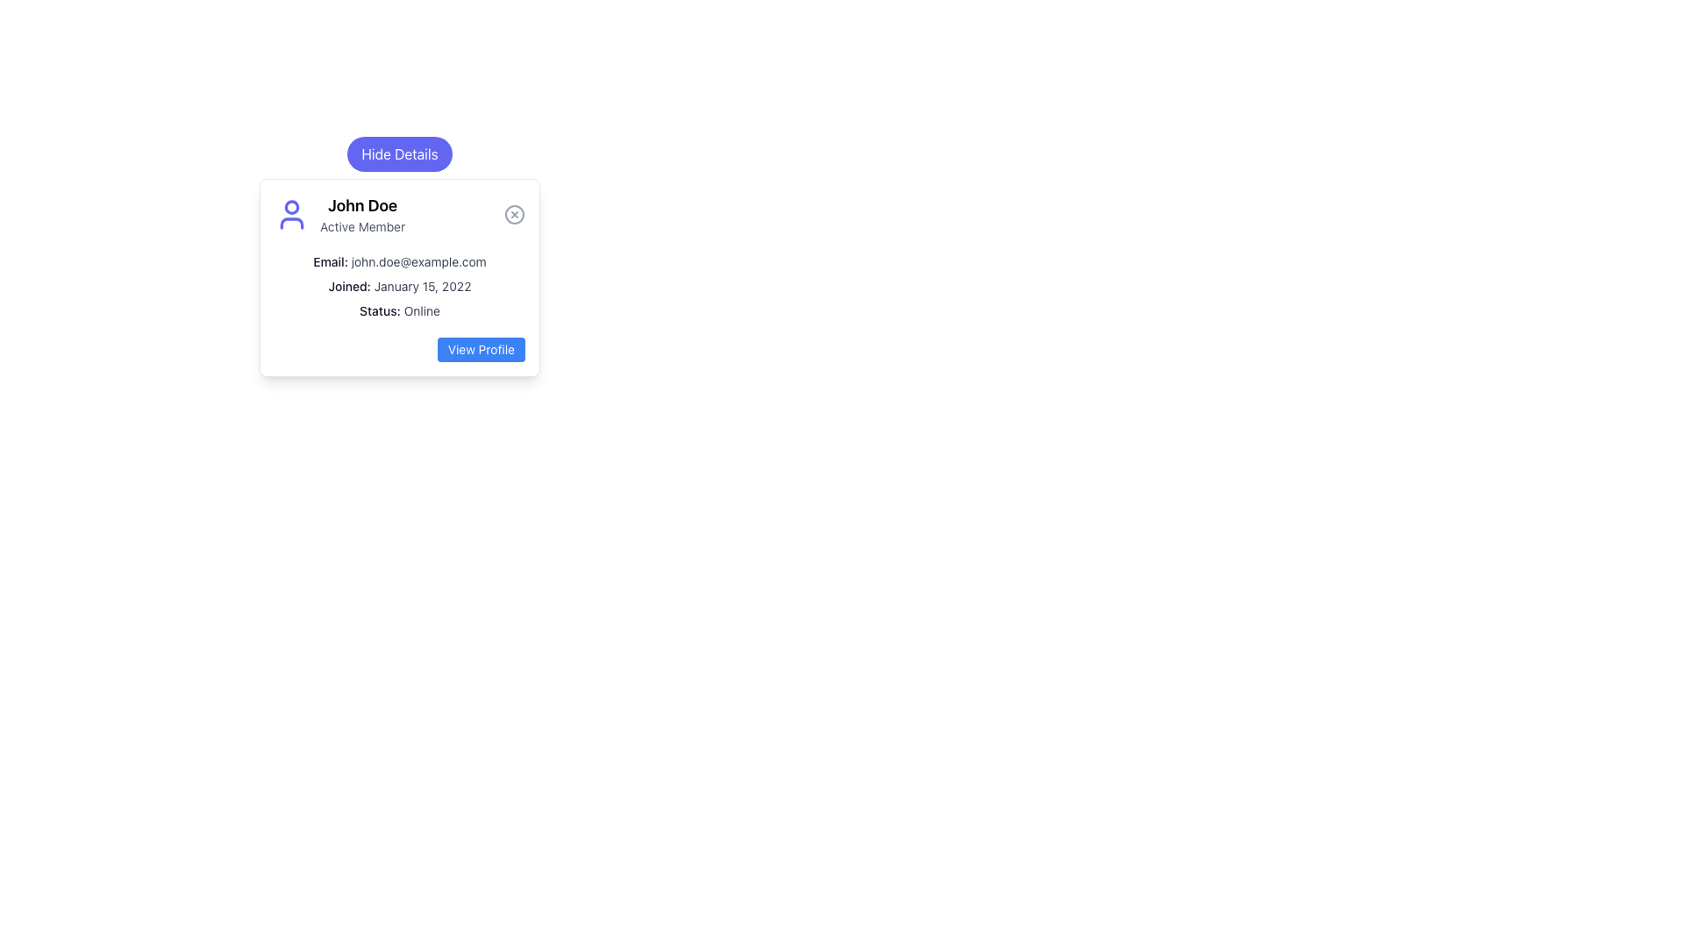 Image resolution: width=1684 pixels, height=947 pixels. Describe the element at coordinates (291, 214) in the screenshot. I see `the user icon located to the left of 'John Doe' in the profile card, which visually represents the user` at that location.